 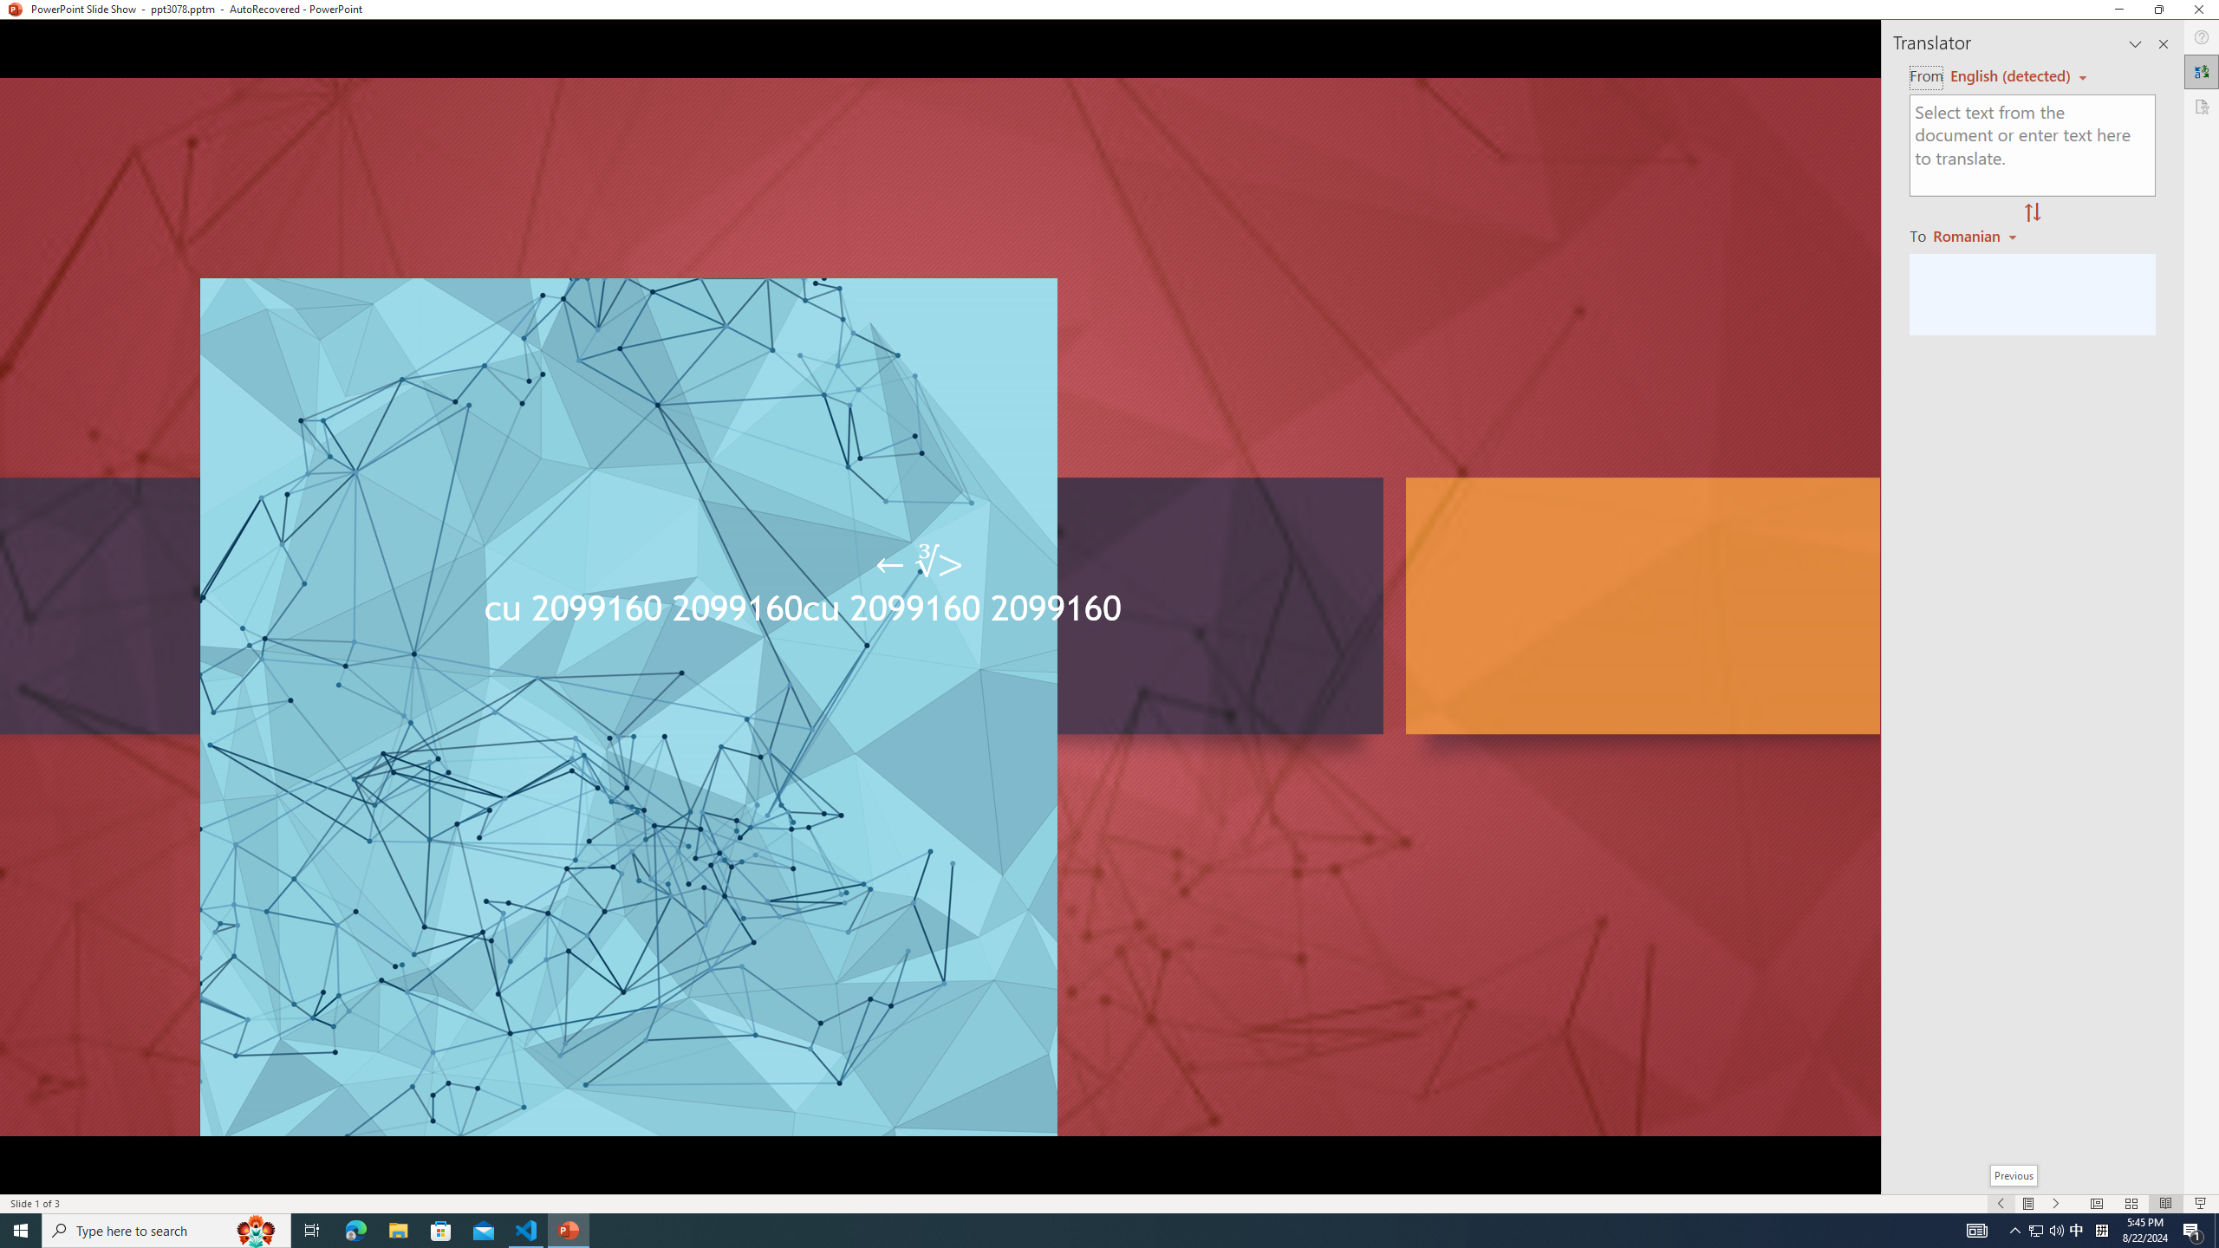 I want to click on 'Slide Show', so click(x=2201, y=1204).